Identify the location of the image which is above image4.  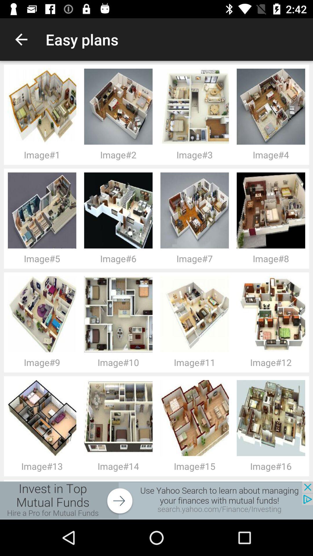
(273, 107).